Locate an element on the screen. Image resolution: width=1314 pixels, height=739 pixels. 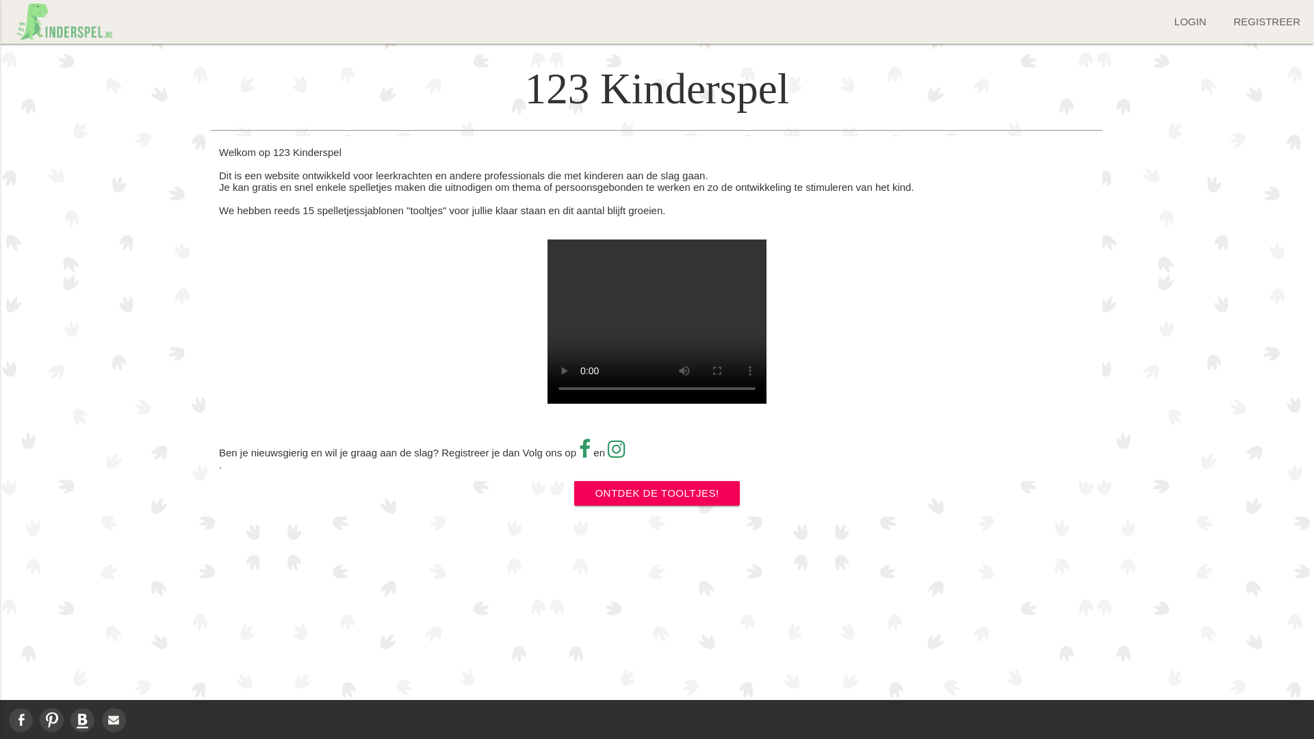
'blog' is located at coordinates (81, 719).